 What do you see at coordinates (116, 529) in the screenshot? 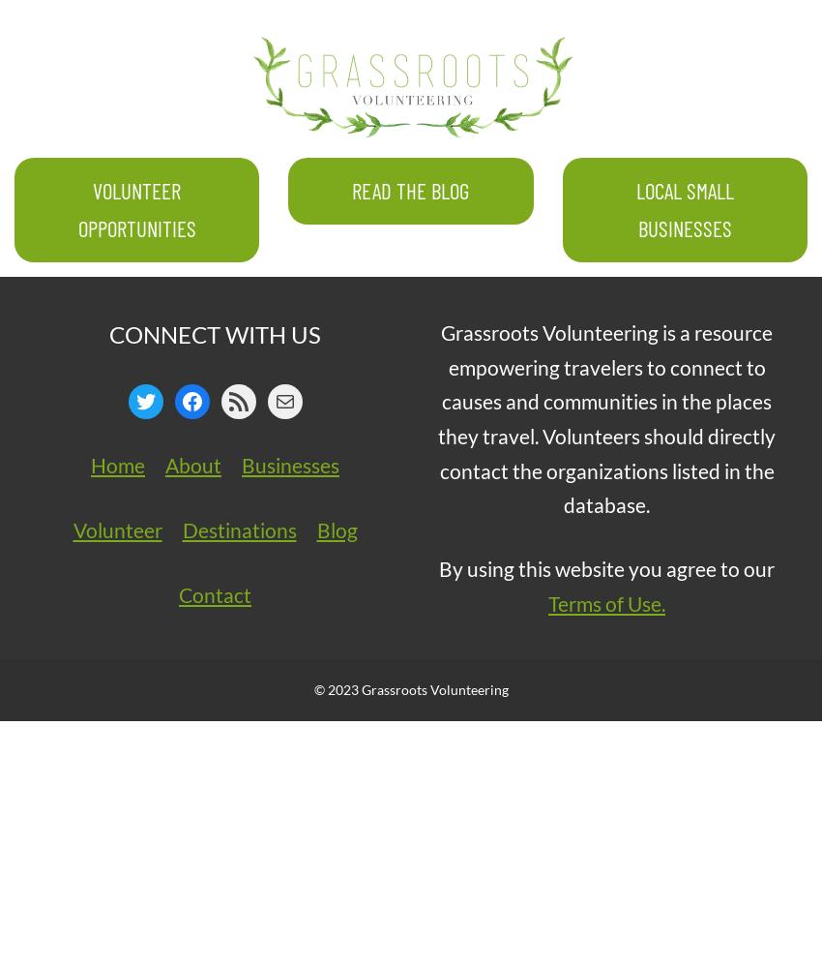
I see `'Volunteer'` at bounding box center [116, 529].